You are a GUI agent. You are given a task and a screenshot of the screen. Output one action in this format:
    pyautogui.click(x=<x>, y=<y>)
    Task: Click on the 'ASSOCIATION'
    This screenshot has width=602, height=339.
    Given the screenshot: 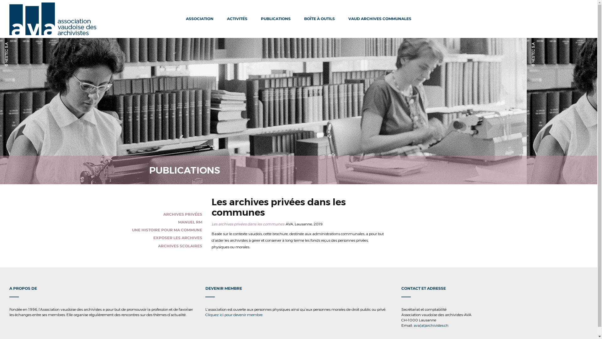 What is the action you would take?
    pyautogui.click(x=199, y=19)
    